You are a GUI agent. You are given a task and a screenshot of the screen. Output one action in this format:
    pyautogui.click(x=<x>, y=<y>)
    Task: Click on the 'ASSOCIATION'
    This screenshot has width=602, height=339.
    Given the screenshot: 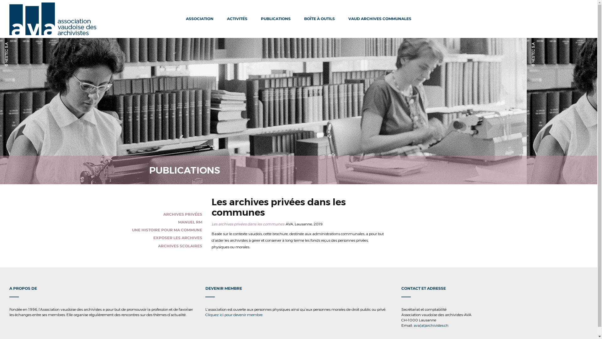 What is the action you would take?
    pyautogui.click(x=199, y=19)
    